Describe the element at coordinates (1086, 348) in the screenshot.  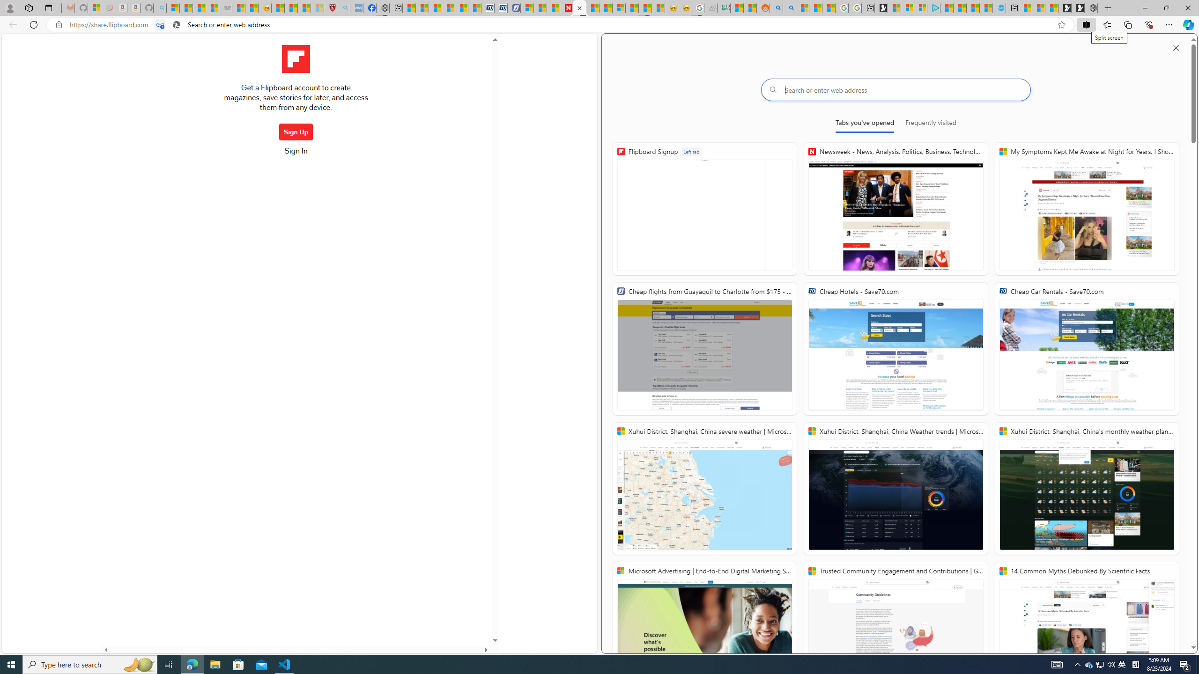
I see `'Cheap Car Rentals - Save70.com'` at that location.